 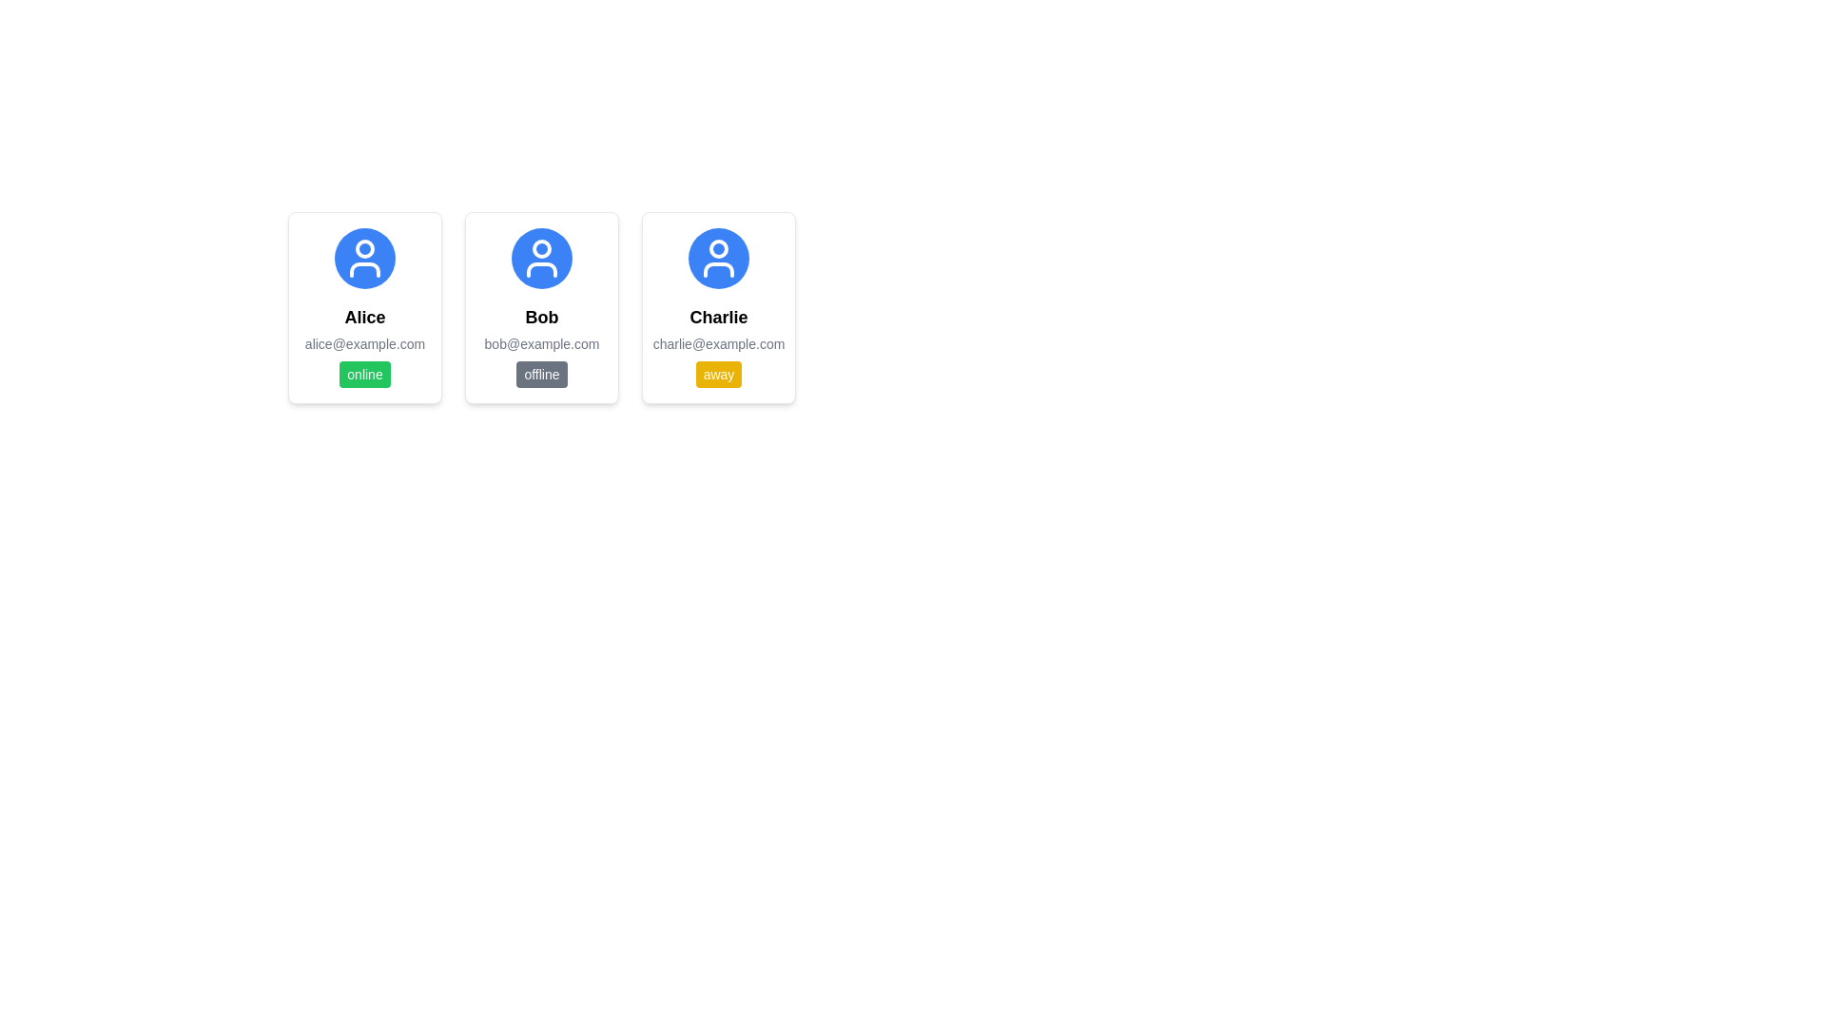 I want to click on the text label identifying the user profile as 'Charlie', which is located in the third user profile card from the left, below the avatar and above the email address, so click(x=717, y=317).